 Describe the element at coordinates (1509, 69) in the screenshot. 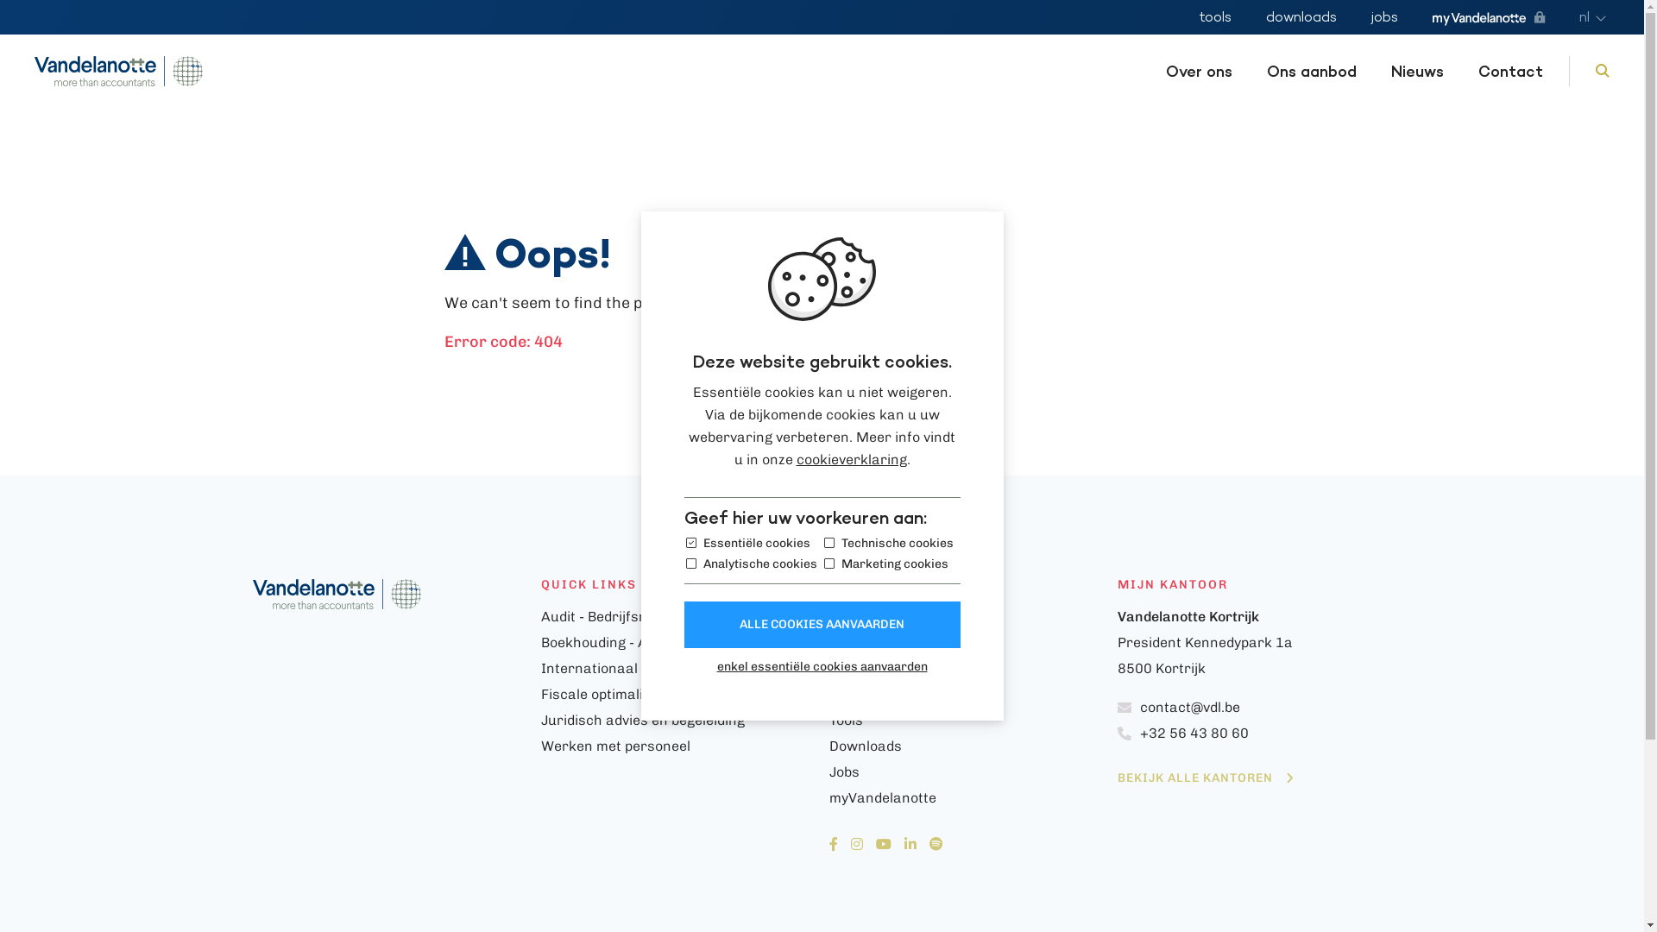

I see `'Contact'` at that location.